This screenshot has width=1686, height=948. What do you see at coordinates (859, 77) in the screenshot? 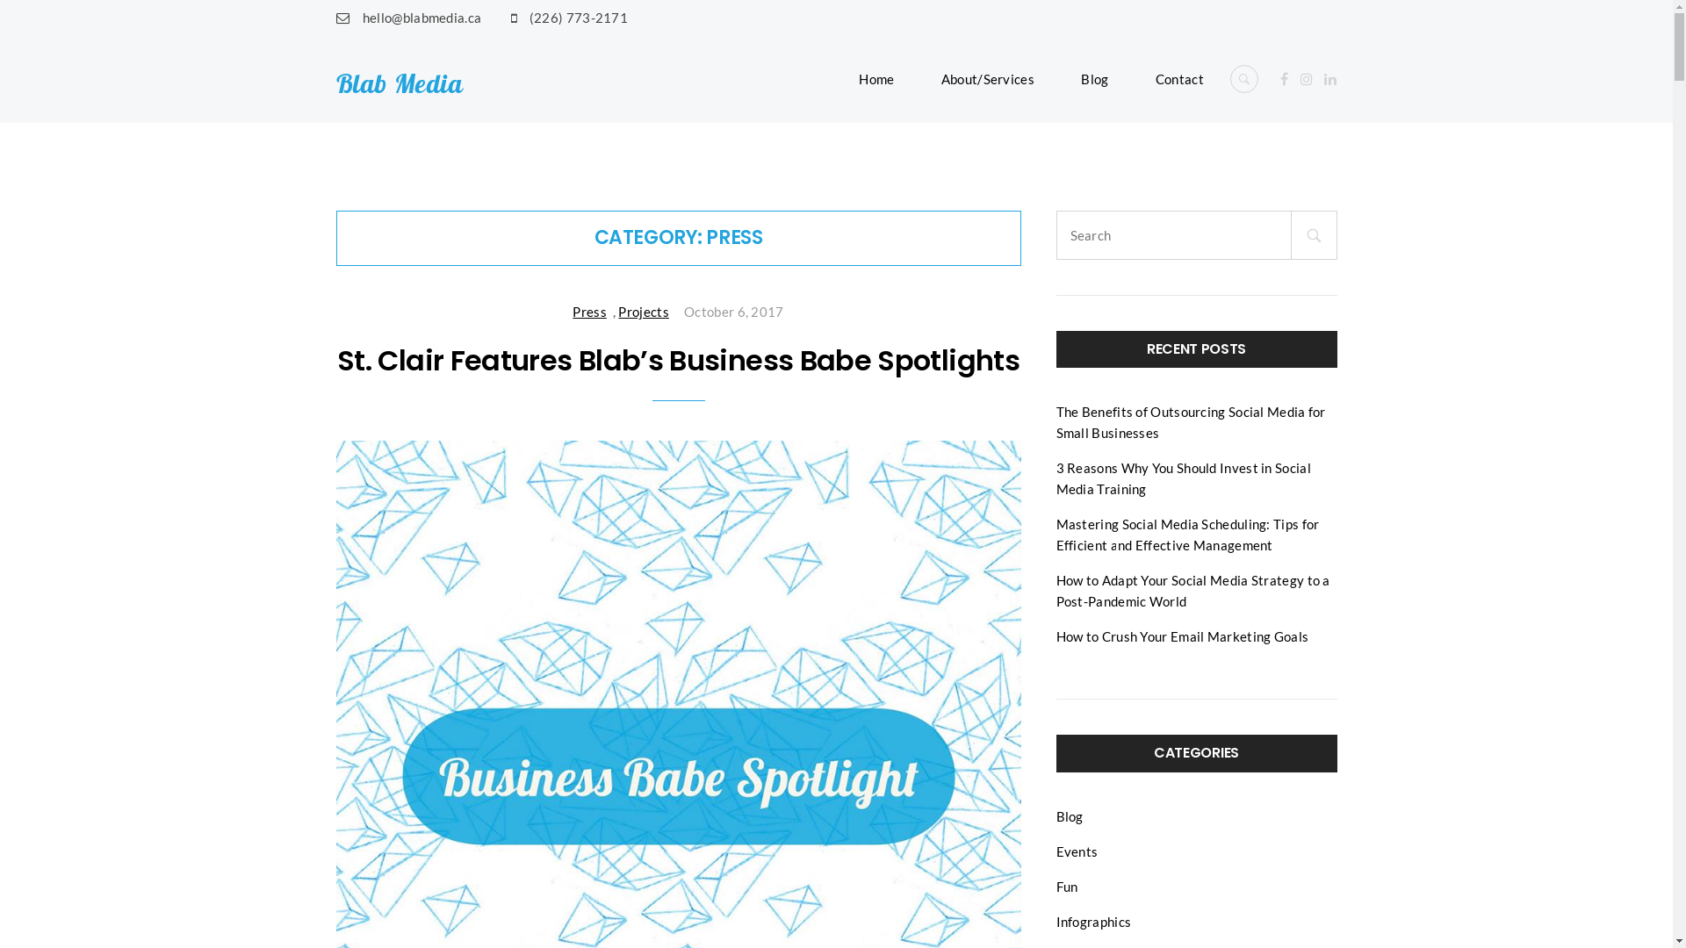
I see `'Home'` at bounding box center [859, 77].